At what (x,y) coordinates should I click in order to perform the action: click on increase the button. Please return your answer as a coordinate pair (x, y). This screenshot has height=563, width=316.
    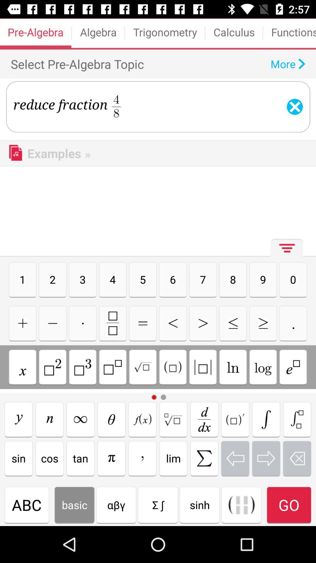
    Looking at the image, I should click on (202, 323).